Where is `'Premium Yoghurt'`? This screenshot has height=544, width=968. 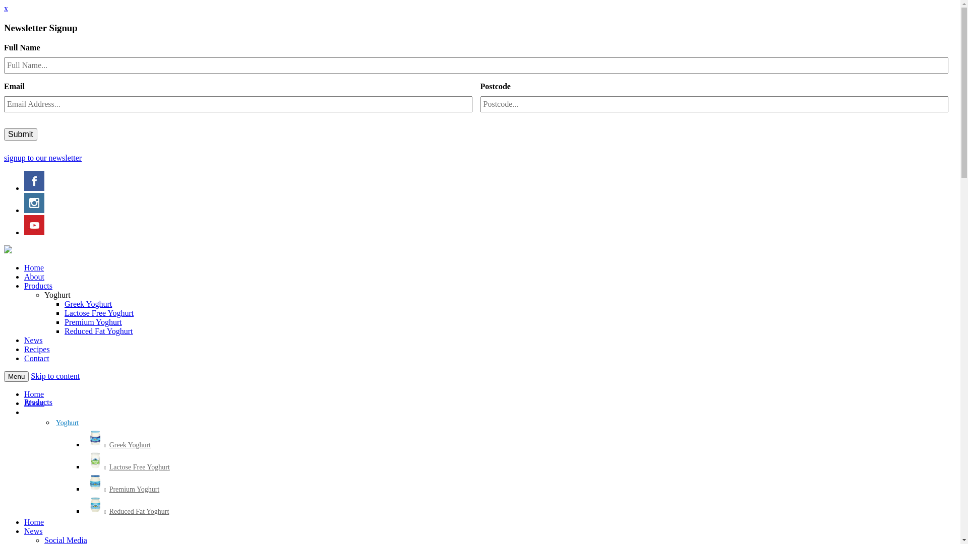
'Premium Yoghurt' is located at coordinates (64, 322).